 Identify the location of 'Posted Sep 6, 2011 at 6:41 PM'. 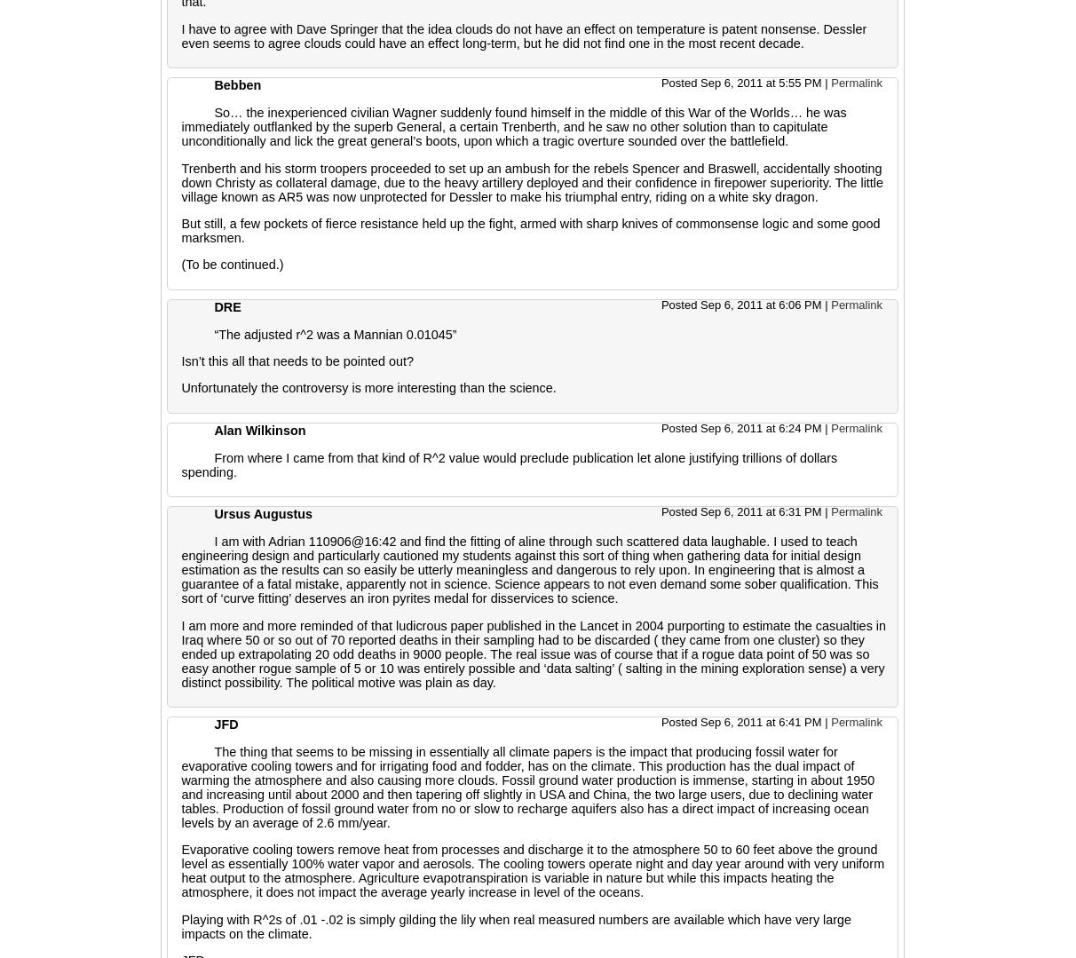
(742, 721).